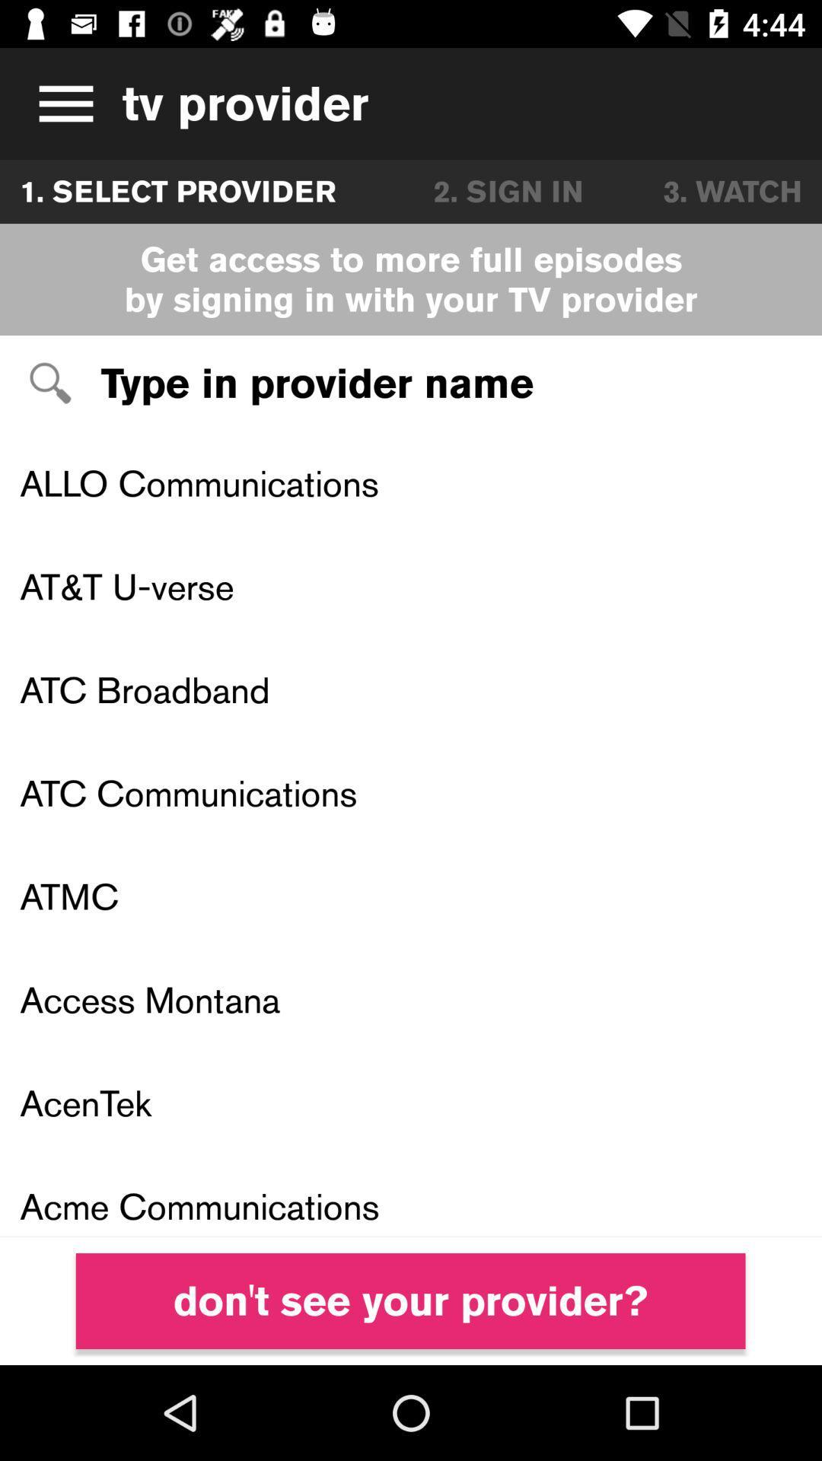 This screenshot has height=1461, width=822. Describe the element at coordinates (411, 1195) in the screenshot. I see `the icon above the don t see icon` at that location.